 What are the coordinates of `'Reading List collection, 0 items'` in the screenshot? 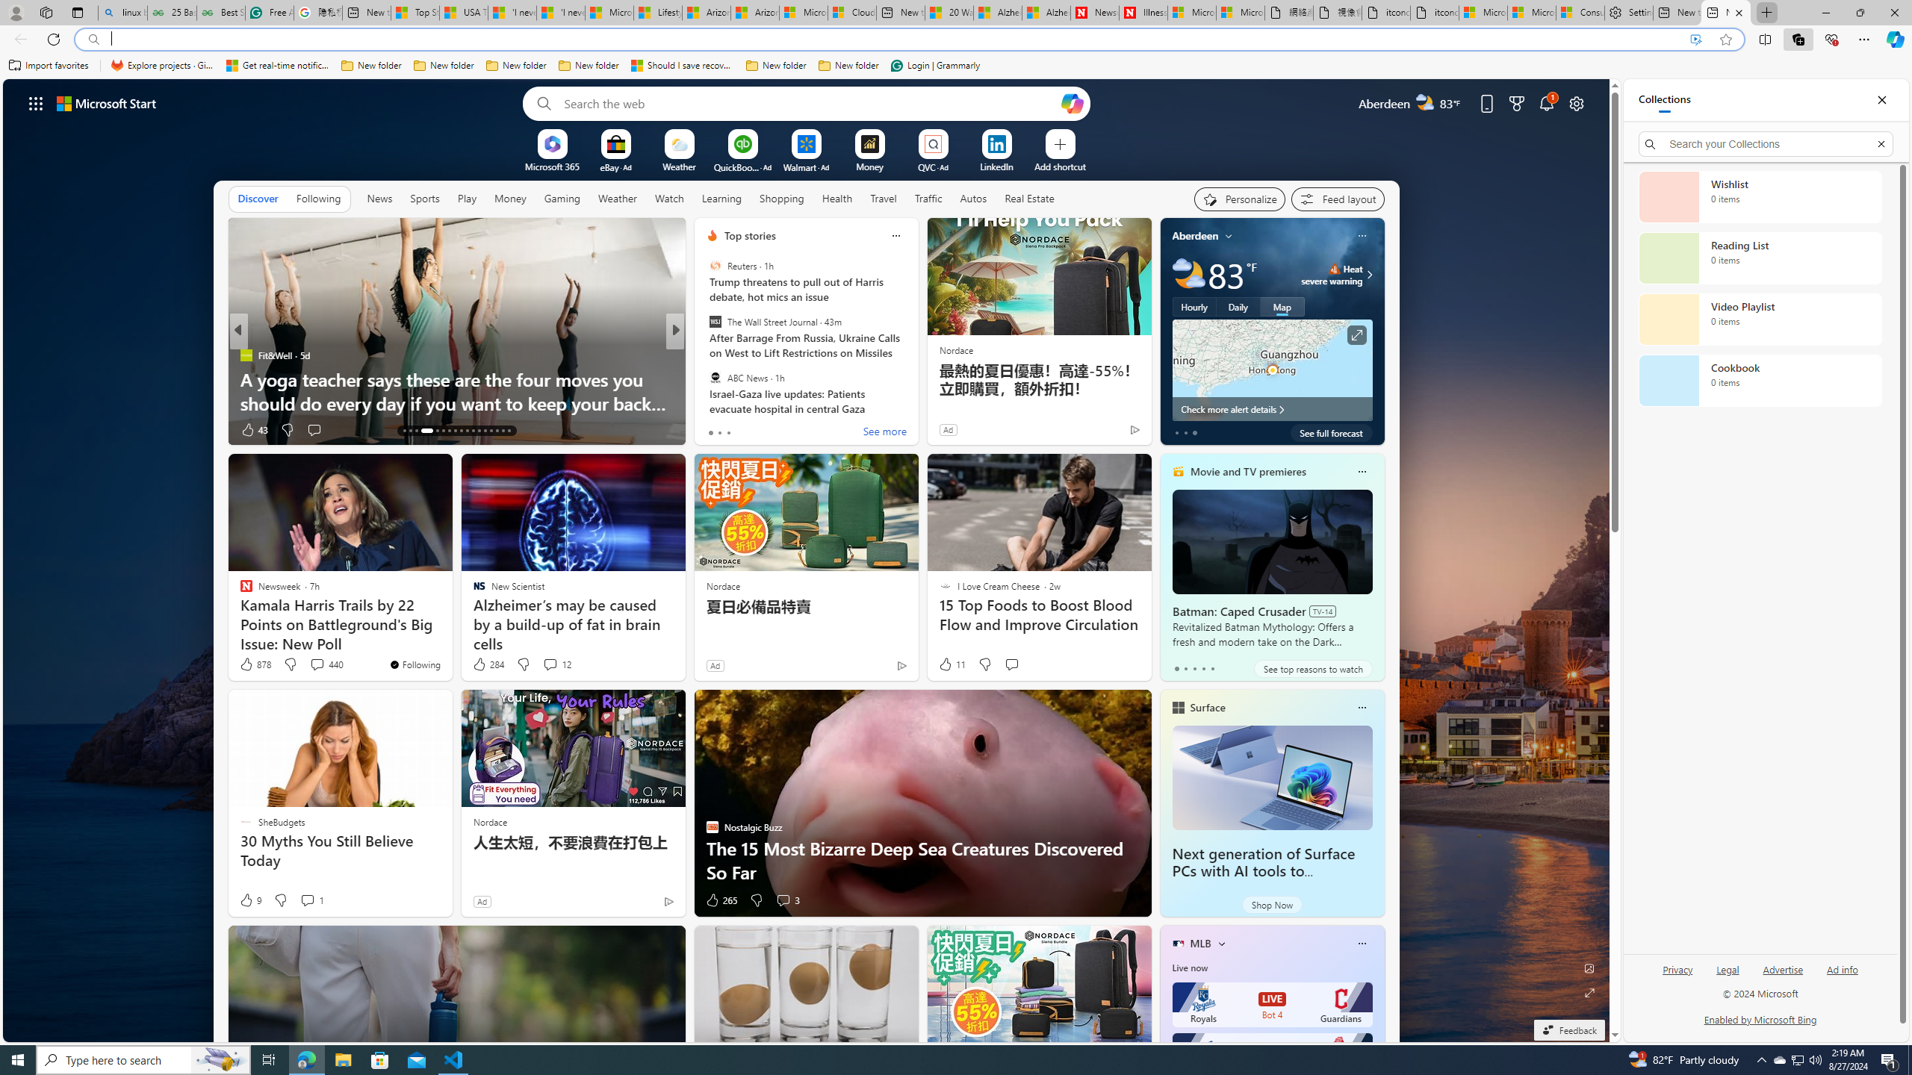 It's located at (1760, 258).